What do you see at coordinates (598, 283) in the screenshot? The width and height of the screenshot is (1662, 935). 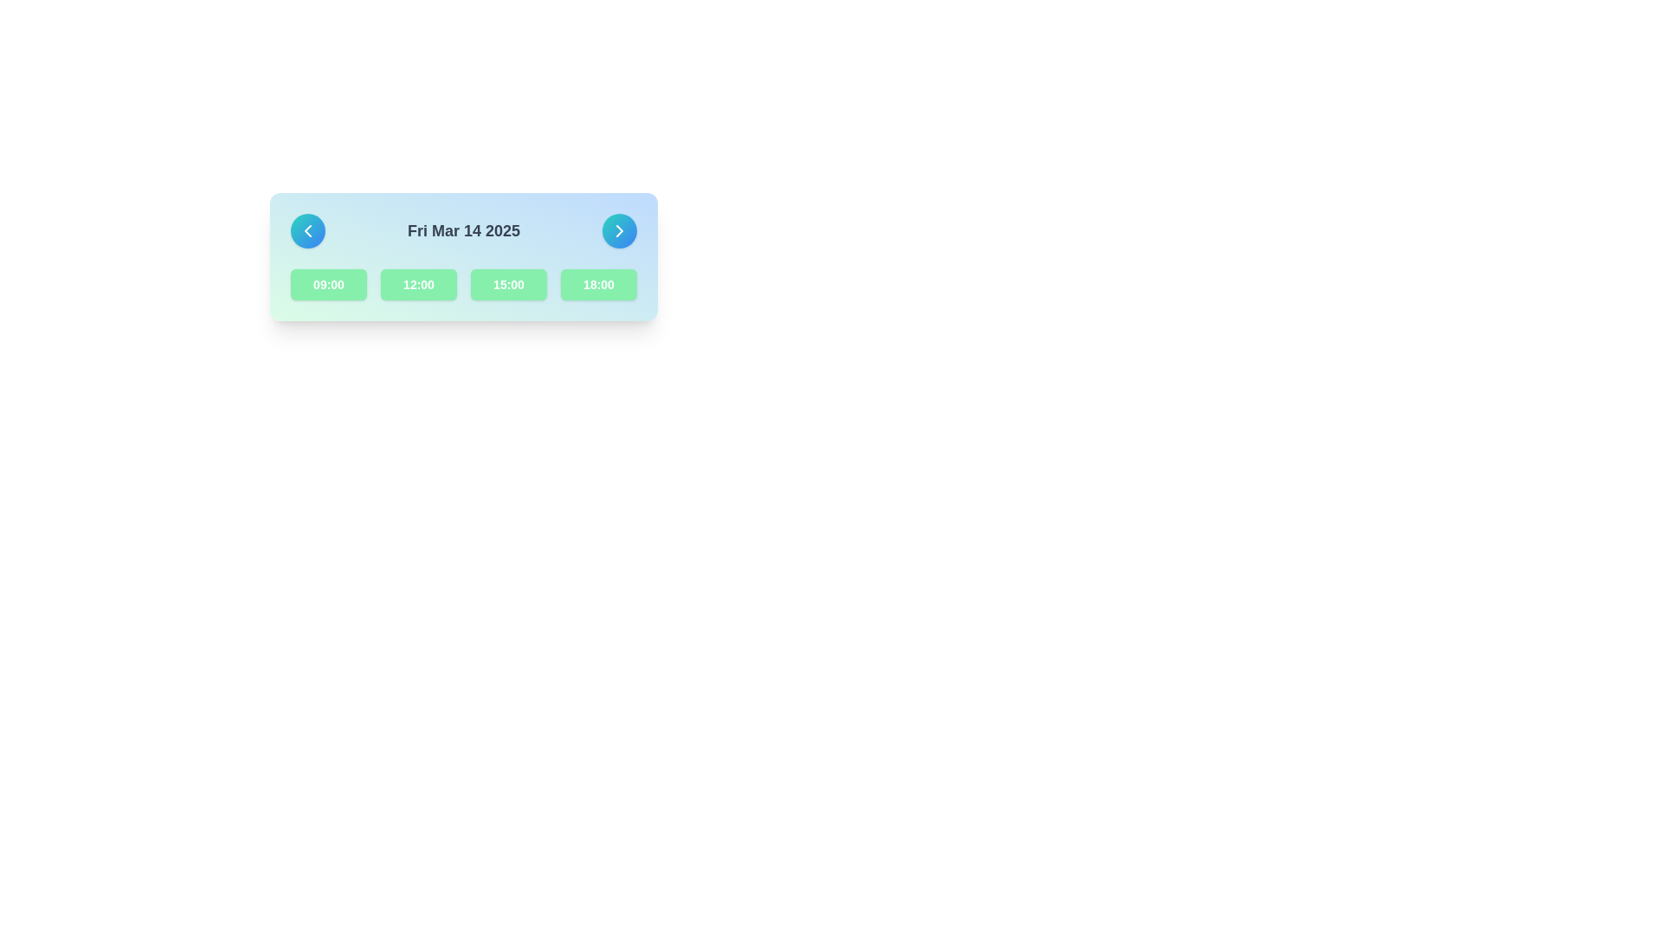 I see `the fourth button in a row of four buttons` at bounding box center [598, 283].